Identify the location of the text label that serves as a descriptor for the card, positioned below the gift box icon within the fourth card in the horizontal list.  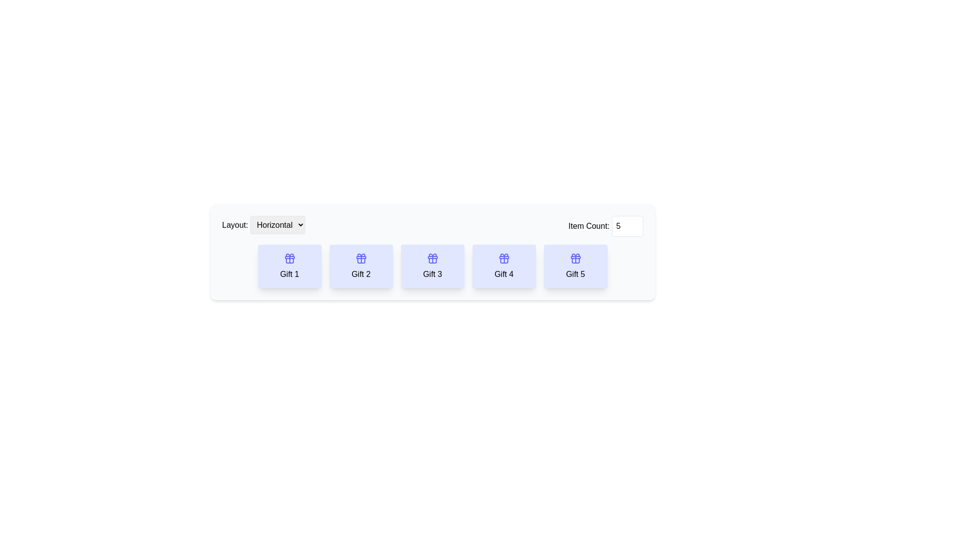
(504, 274).